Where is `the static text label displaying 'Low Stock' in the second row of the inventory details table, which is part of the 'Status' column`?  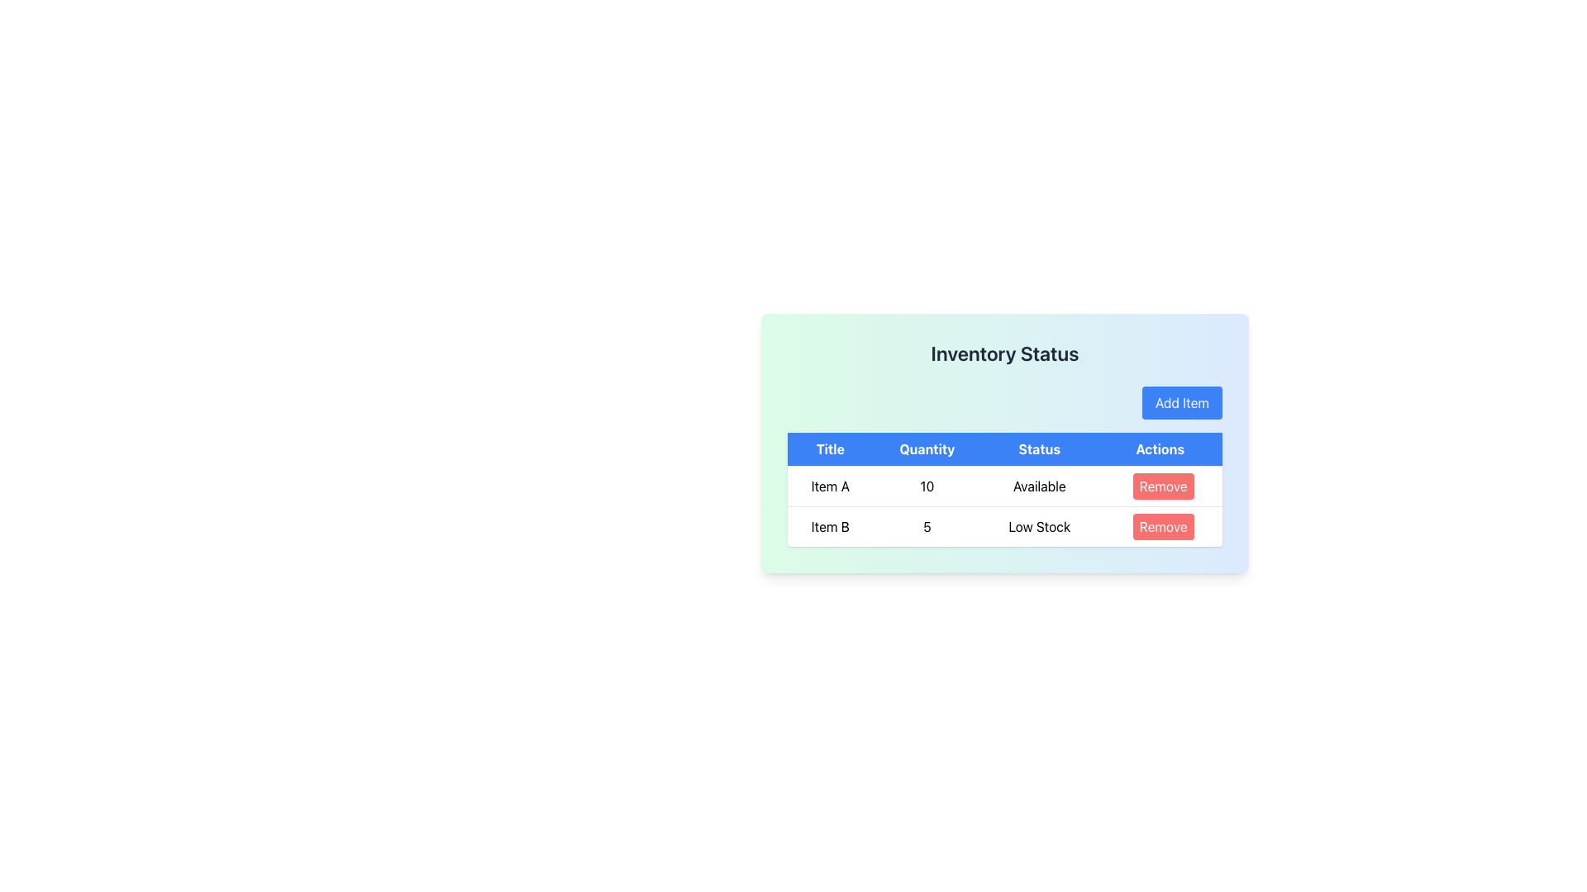 the static text label displaying 'Low Stock' in the second row of the inventory details table, which is part of the 'Status' column is located at coordinates (1038, 526).